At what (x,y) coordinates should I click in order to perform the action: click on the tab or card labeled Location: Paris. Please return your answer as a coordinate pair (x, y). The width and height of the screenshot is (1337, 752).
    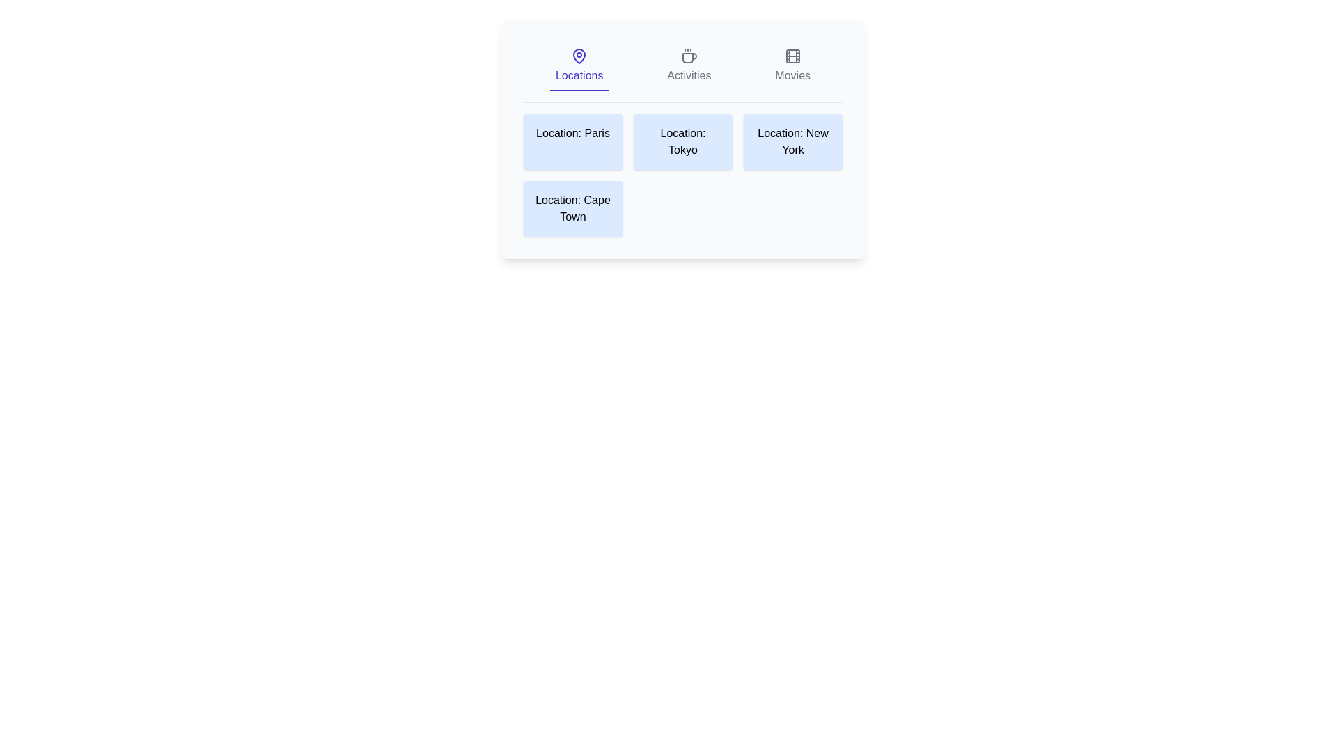
    Looking at the image, I should click on (572, 142).